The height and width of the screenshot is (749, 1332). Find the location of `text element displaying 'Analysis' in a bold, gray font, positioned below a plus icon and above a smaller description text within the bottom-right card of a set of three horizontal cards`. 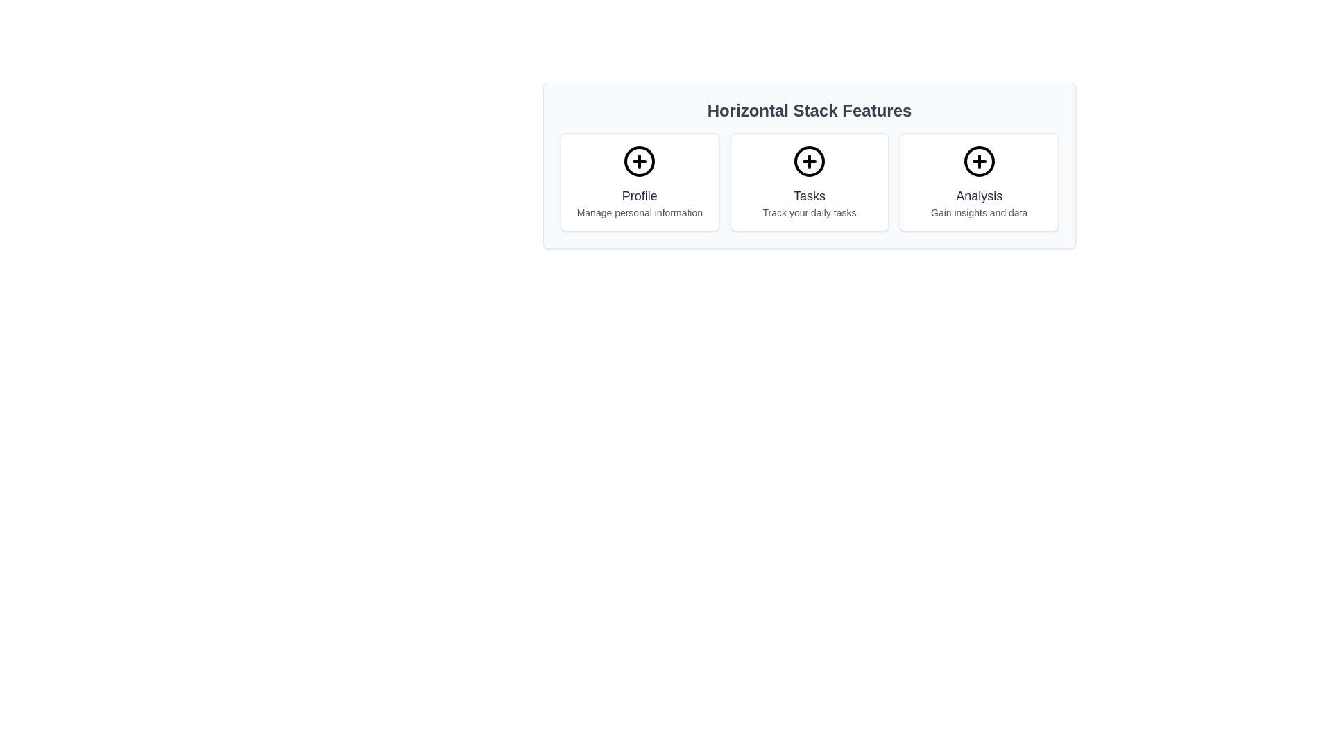

text element displaying 'Analysis' in a bold, gray font, positioned below a plus icon and above a smaller description text within the bottom-right card of a set of three horizontal cards is located at coordinates (978, 196).